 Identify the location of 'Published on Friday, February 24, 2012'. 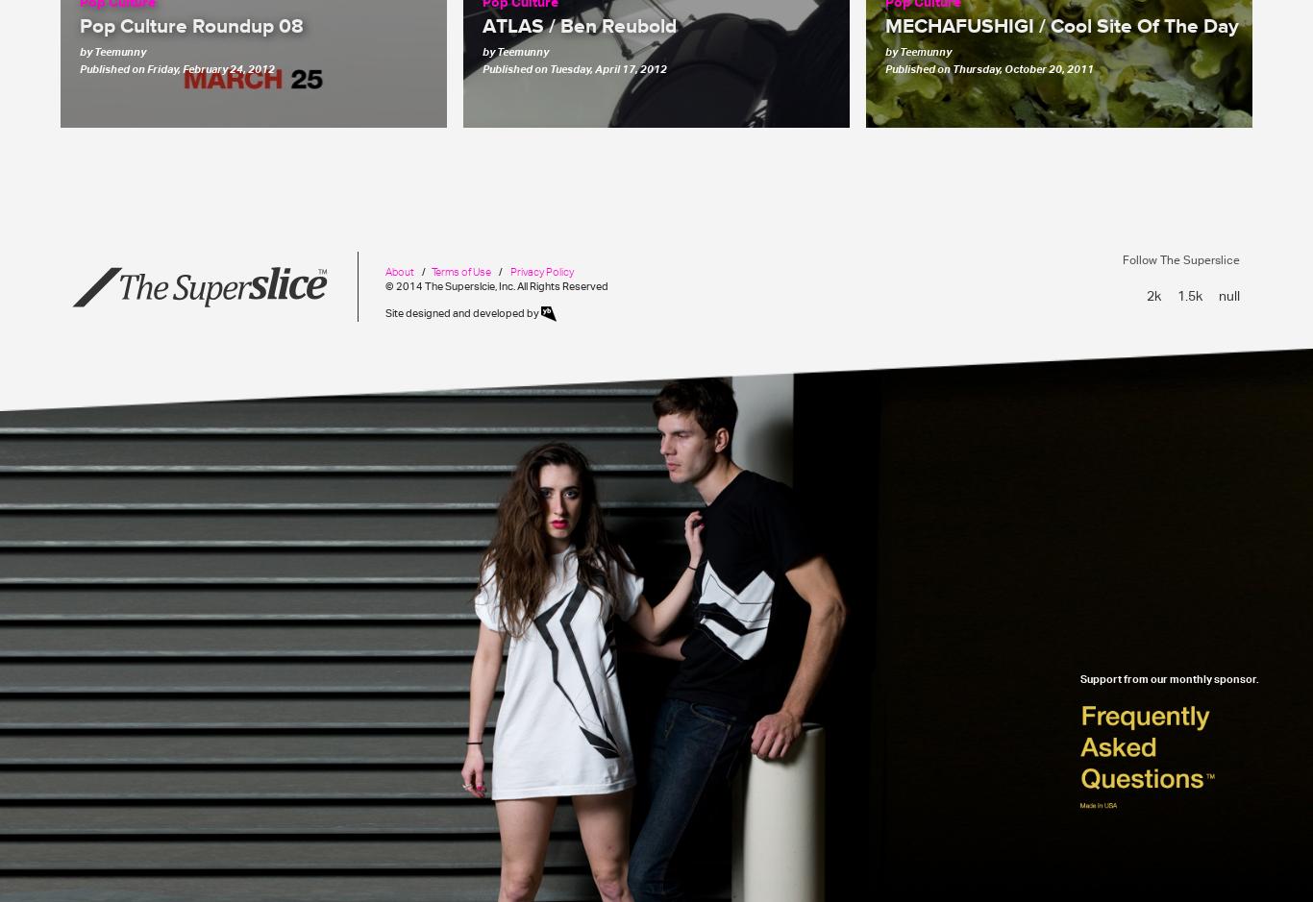
(176, 66).